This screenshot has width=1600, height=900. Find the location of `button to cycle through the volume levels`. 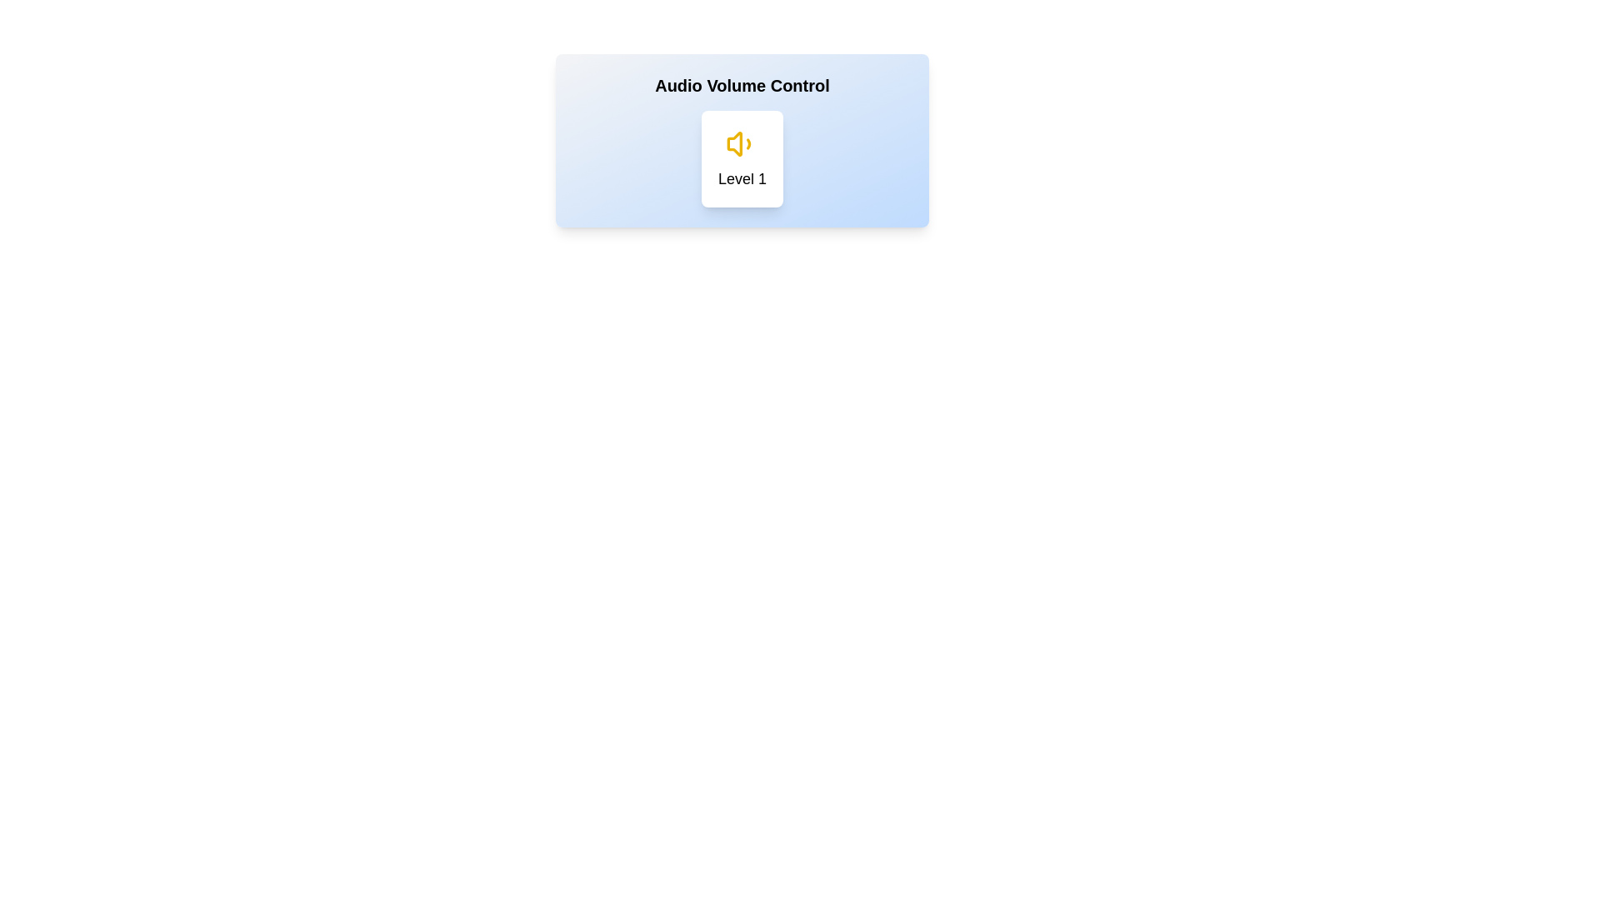

button to cycle through the volume levels is located at coordinates (742, 159).